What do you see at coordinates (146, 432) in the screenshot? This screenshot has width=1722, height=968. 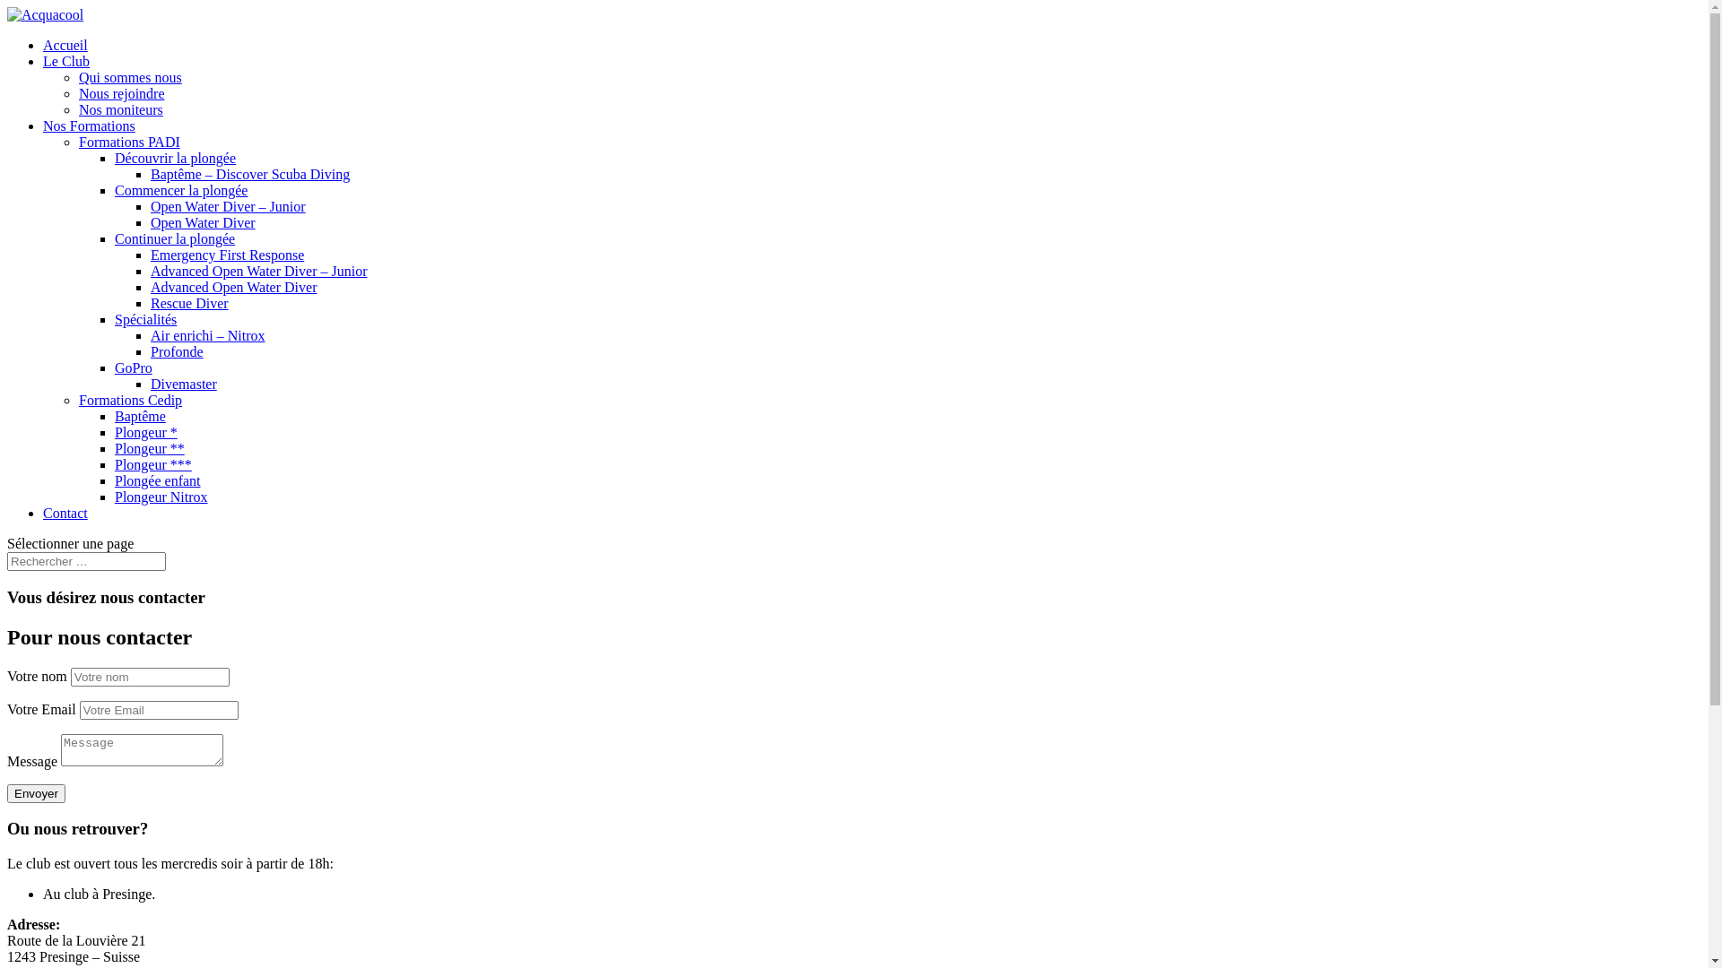 I see `'Plongeur *'` at bounding box center [146, 432].